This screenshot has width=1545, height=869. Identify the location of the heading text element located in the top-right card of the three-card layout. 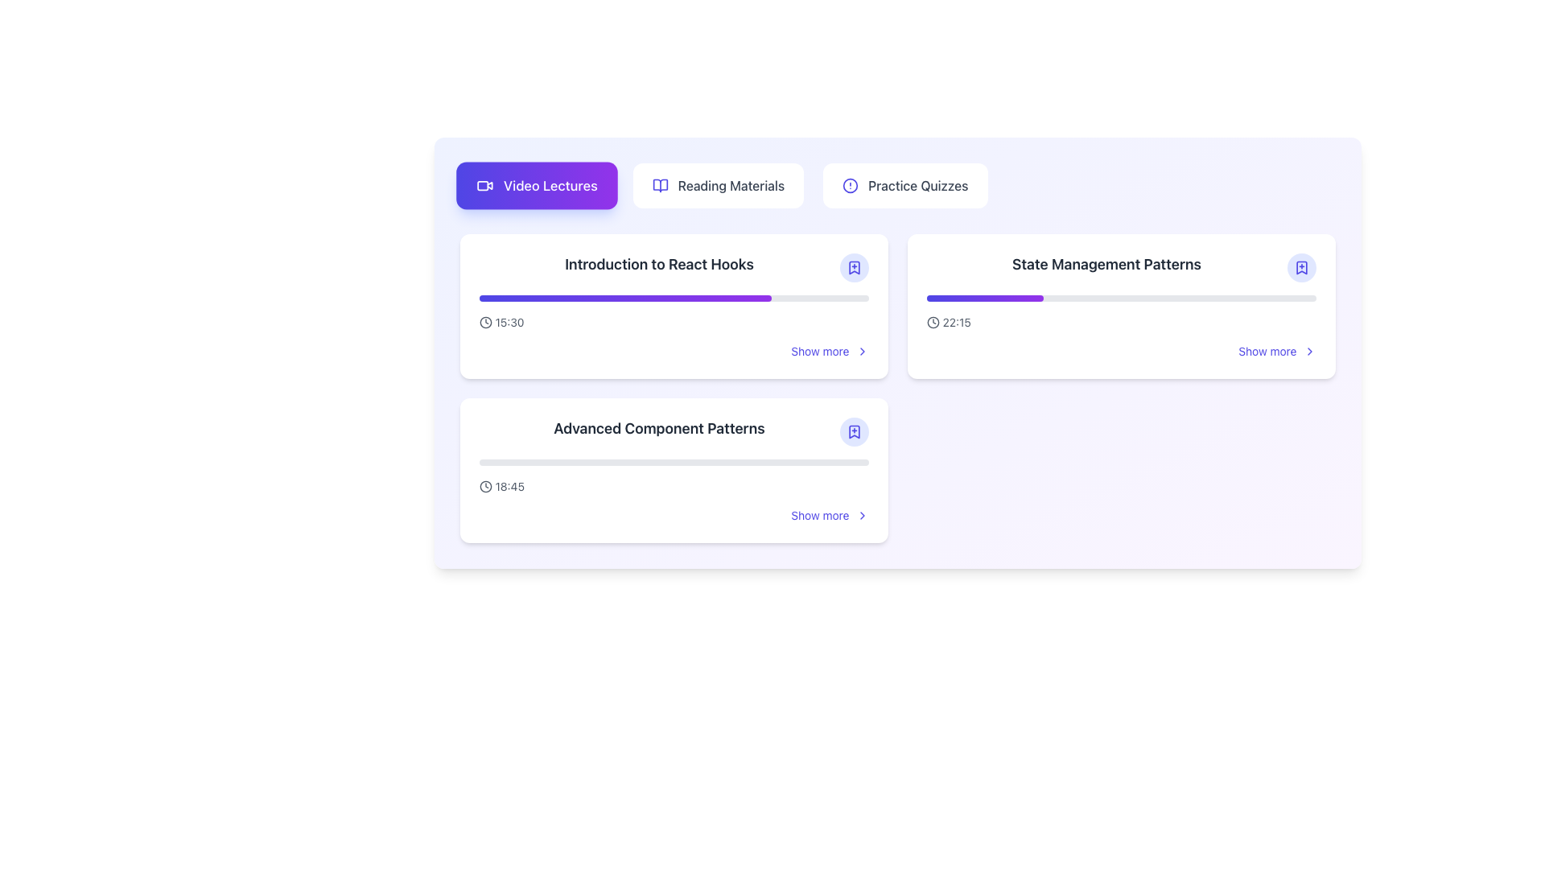
(1120, 266).